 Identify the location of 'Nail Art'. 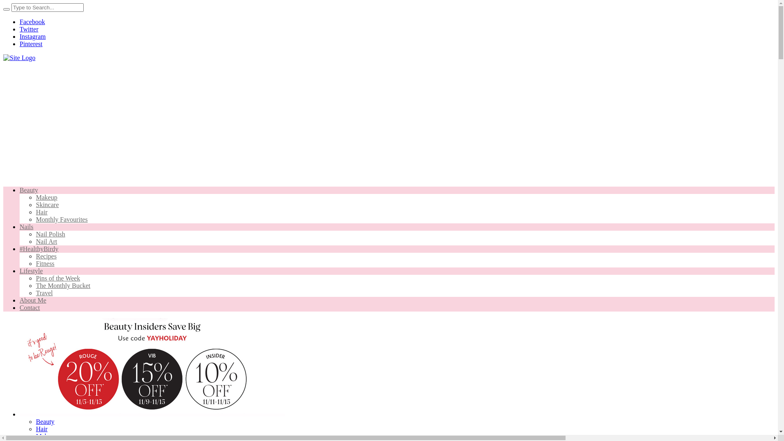
(46, 241).